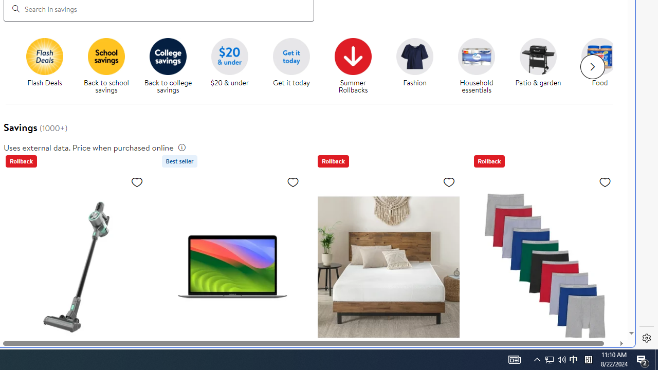 This screenshot has width=658, height=370. Describe the element at coordinates (476, 66) in the screenshot. I see `'Household essentials Household essentials'` at that location.